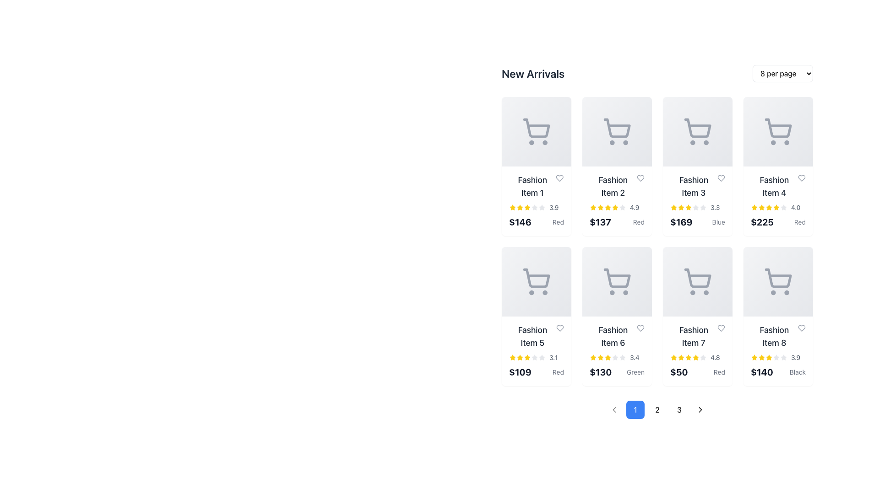 This screenshot has height=494, width=879. Describe the element at coordinates (527, 357) in the screenshot. I see `the yellow star icon representing the fourth rating in a row of five stars below the 'Fashion Item 5' card` at that location.